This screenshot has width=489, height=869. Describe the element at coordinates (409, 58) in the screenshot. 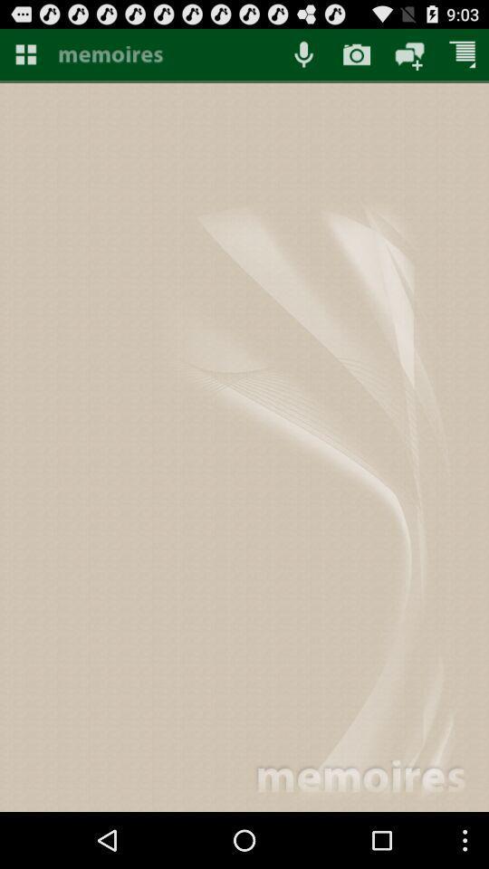

I see `the chat icon` at that location.